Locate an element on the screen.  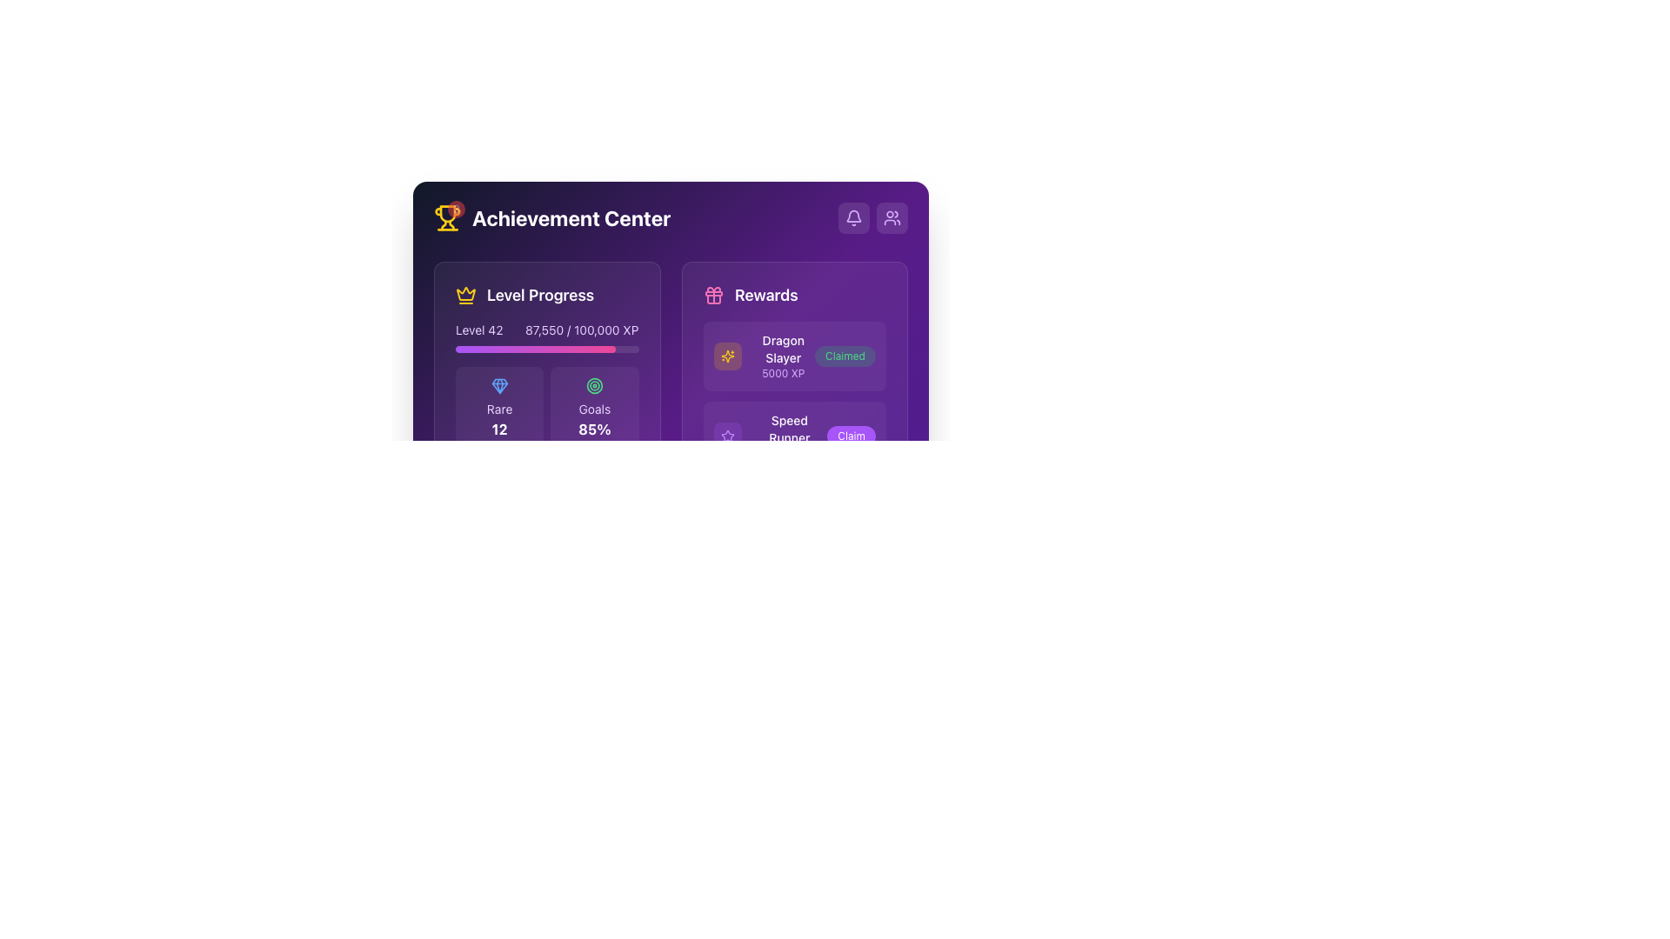
the displayed percentage text label showing '85%' on a purple background, positioned below the 'Goals' label is located at coordinates (594, 429).